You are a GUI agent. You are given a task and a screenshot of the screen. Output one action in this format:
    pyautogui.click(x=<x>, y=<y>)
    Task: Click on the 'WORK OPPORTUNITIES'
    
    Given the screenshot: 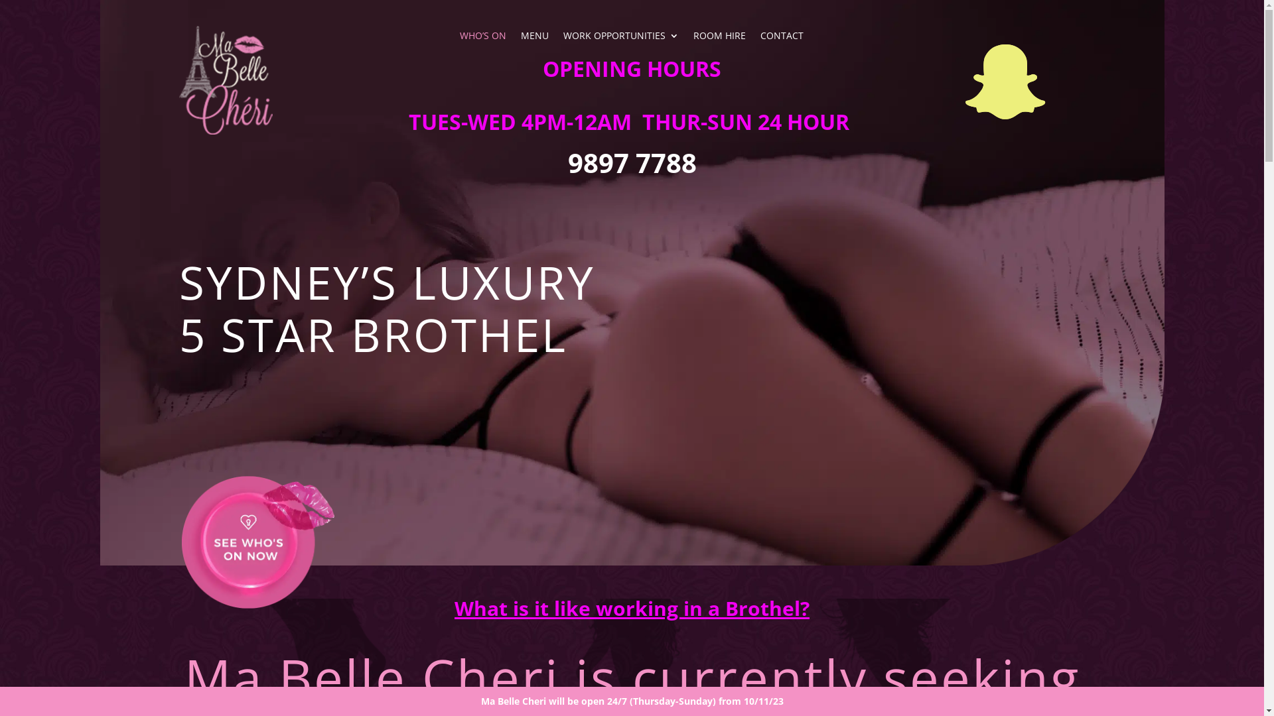 What is the action you would take?
    pyautogui.click(x=620, y=37)
    